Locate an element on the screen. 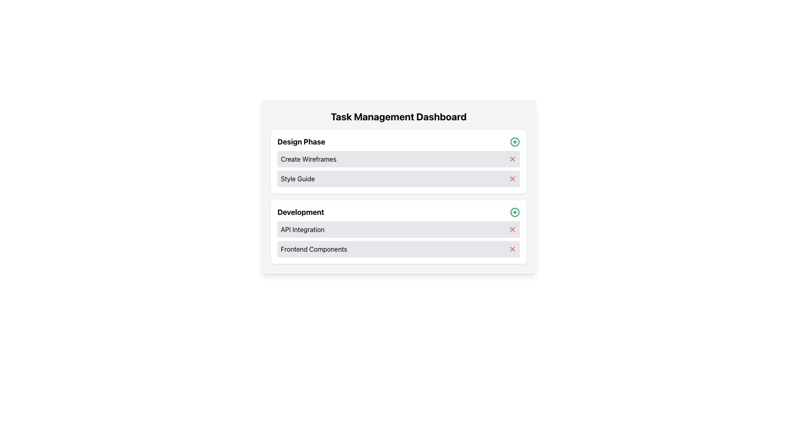 The image size is (786, 442). the text label displaying 'Create Wireframes', which is styled with a bold sans-serif font in black on a light grey background is located at coordinates (308, 159).